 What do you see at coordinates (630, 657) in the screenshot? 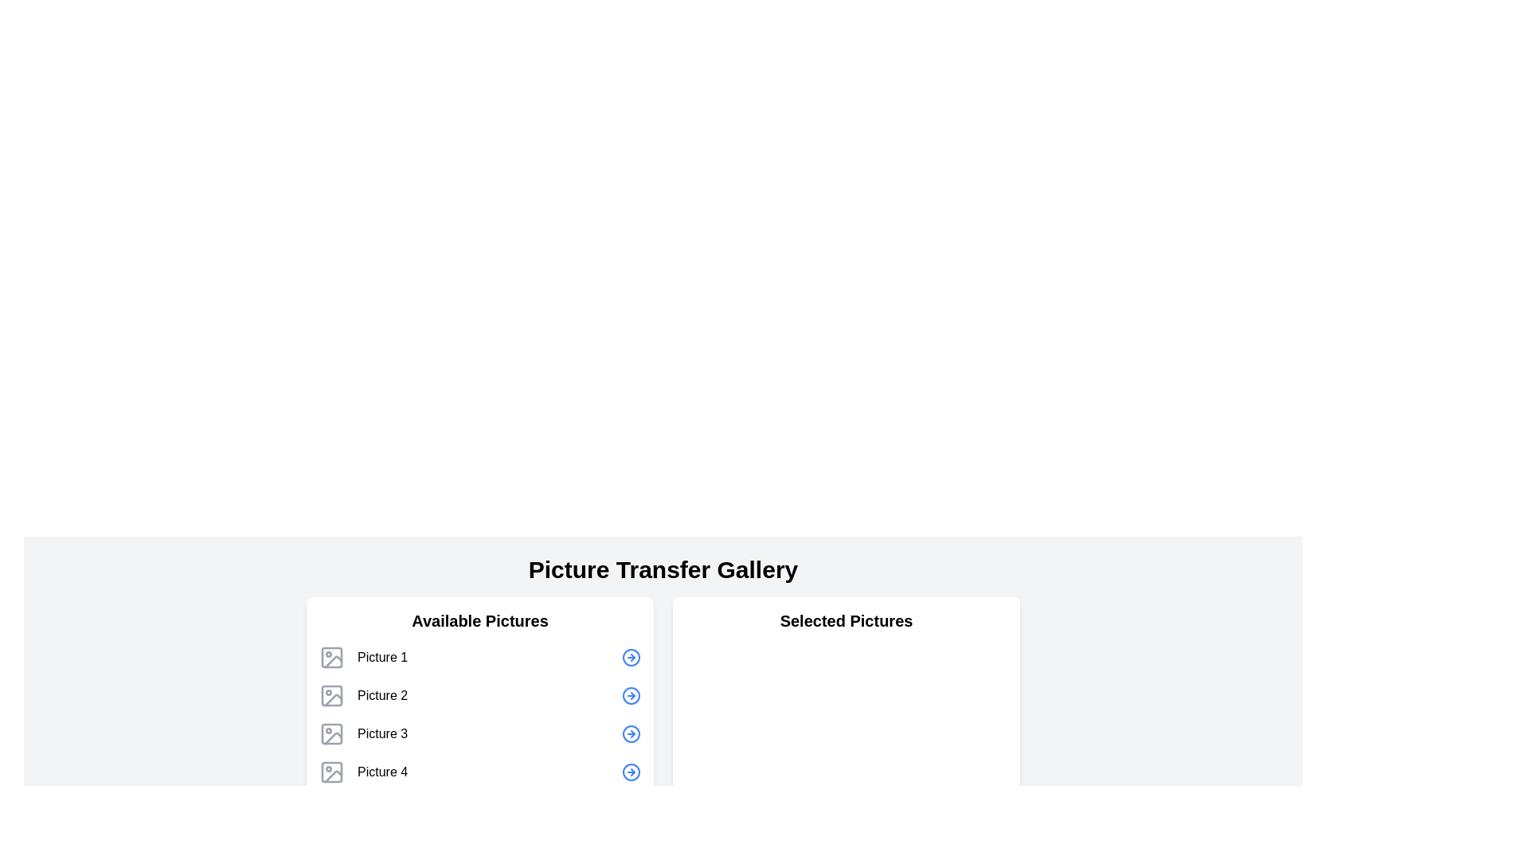
I see `the button located to the far right of the first row in the 'Available Pictures' section to initiate the transfer of 'Picture 1' to the 'Selected Pictures' list` at bounding box center [630, 657].